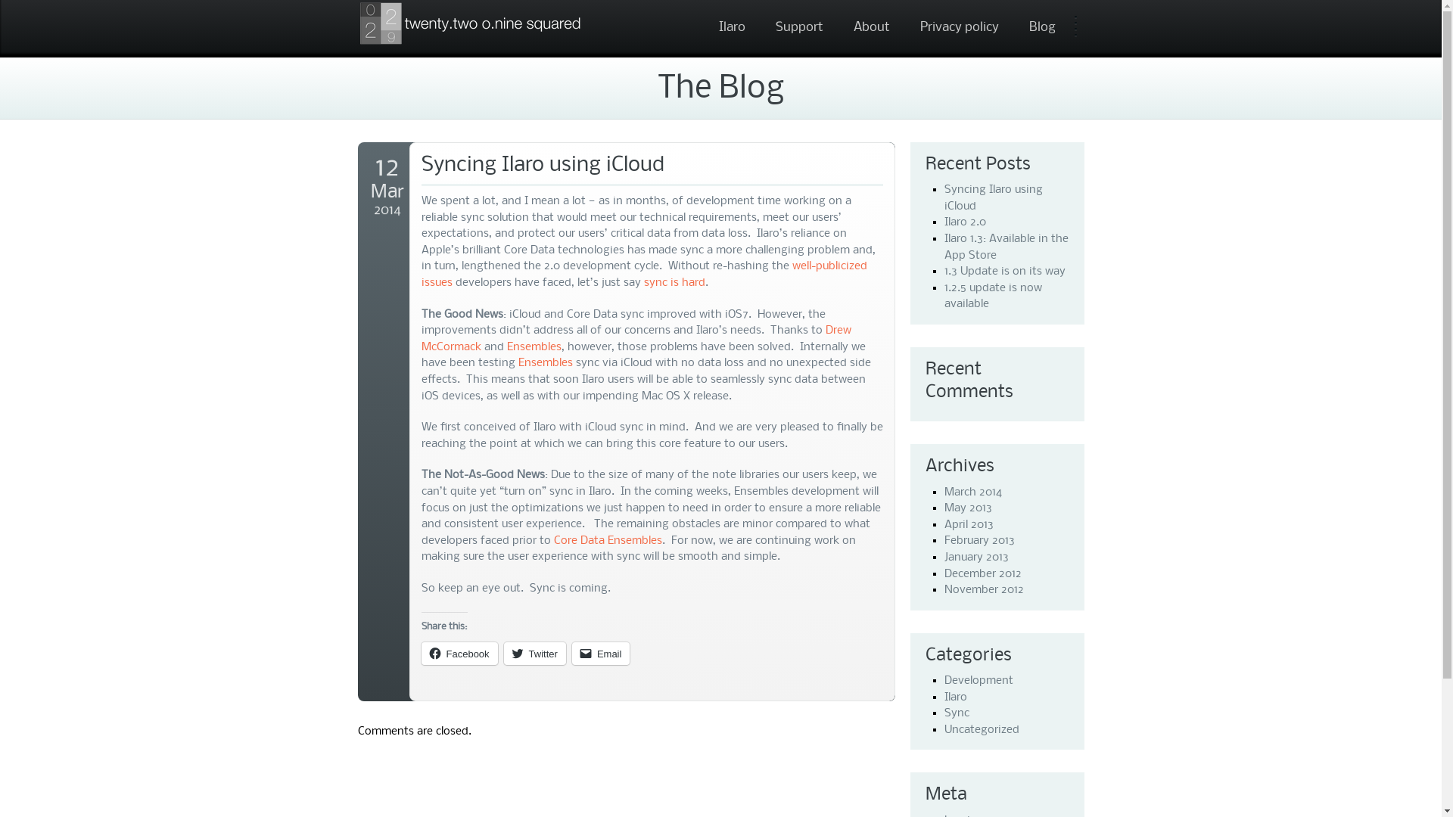 Image resolution: width=1453 pixels, height=817 pixels. Describe the element at coordinates (534, 653) in the screenshot. I see `'Twitter'` at that location.